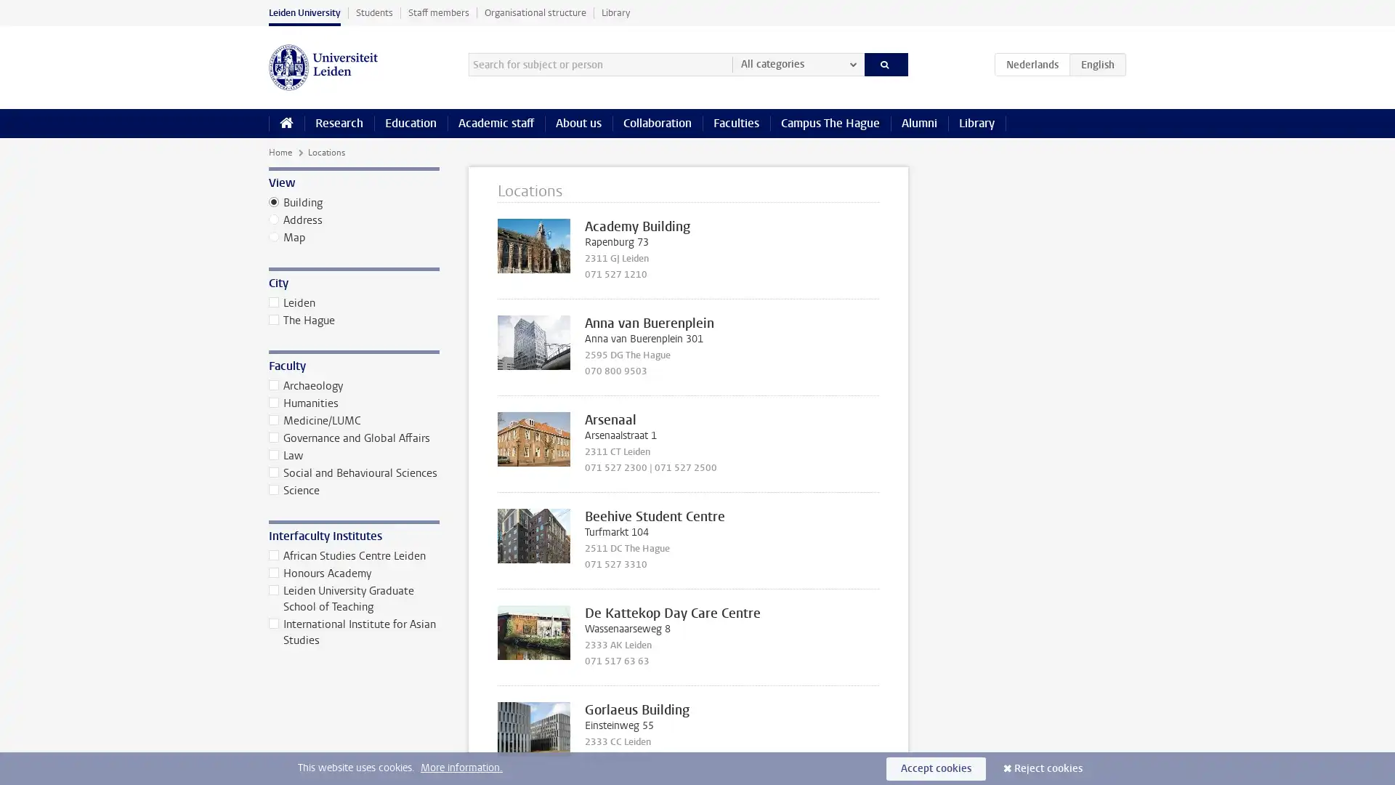 The image size is (1395, 785). Describe the element at coordinates (885, 63) in the screenshot. I see `Search` at that location.